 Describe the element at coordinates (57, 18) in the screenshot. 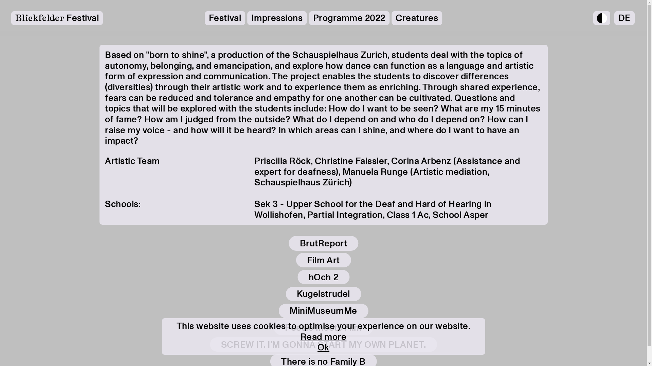

I see `'Blickfelder Festival'` at that location.